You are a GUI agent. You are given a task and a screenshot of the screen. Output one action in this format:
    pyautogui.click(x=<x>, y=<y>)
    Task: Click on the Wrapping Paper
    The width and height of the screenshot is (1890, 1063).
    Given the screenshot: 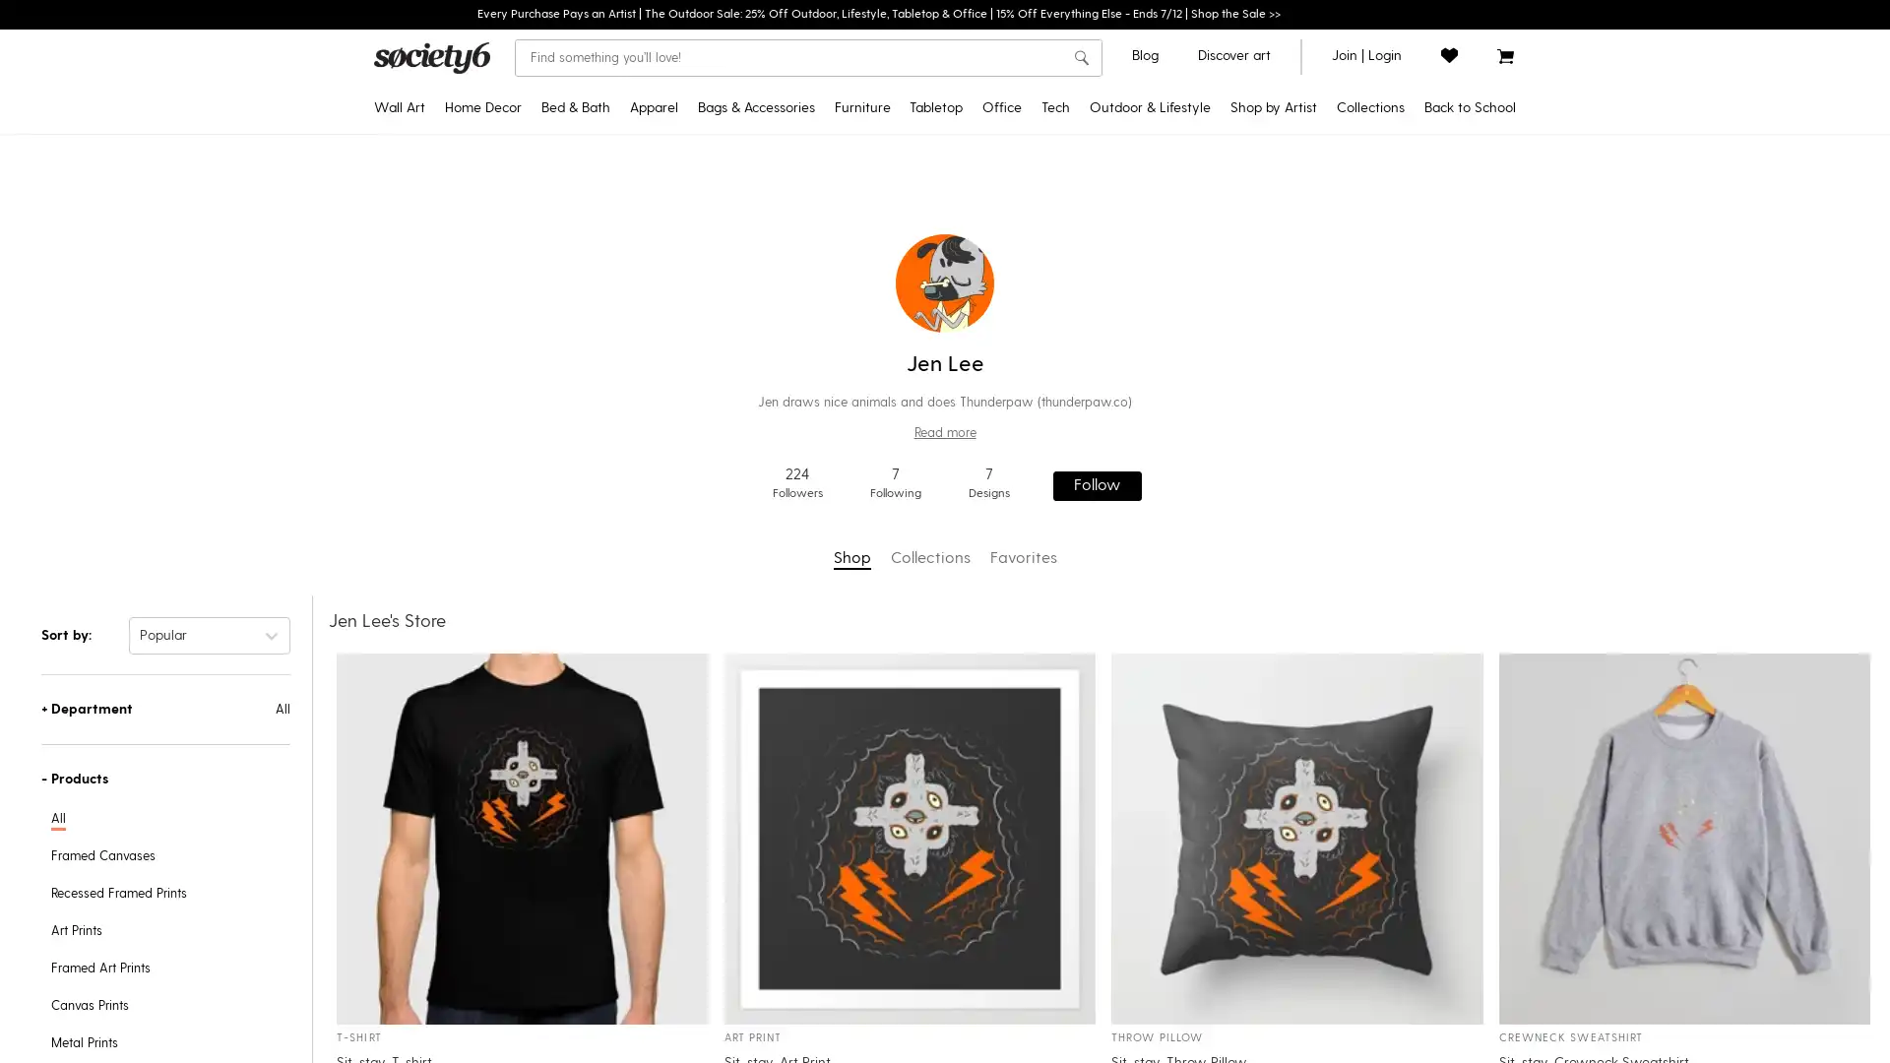 What is the action you would take?
    pyautogui.click(x=1050, y=380)
    